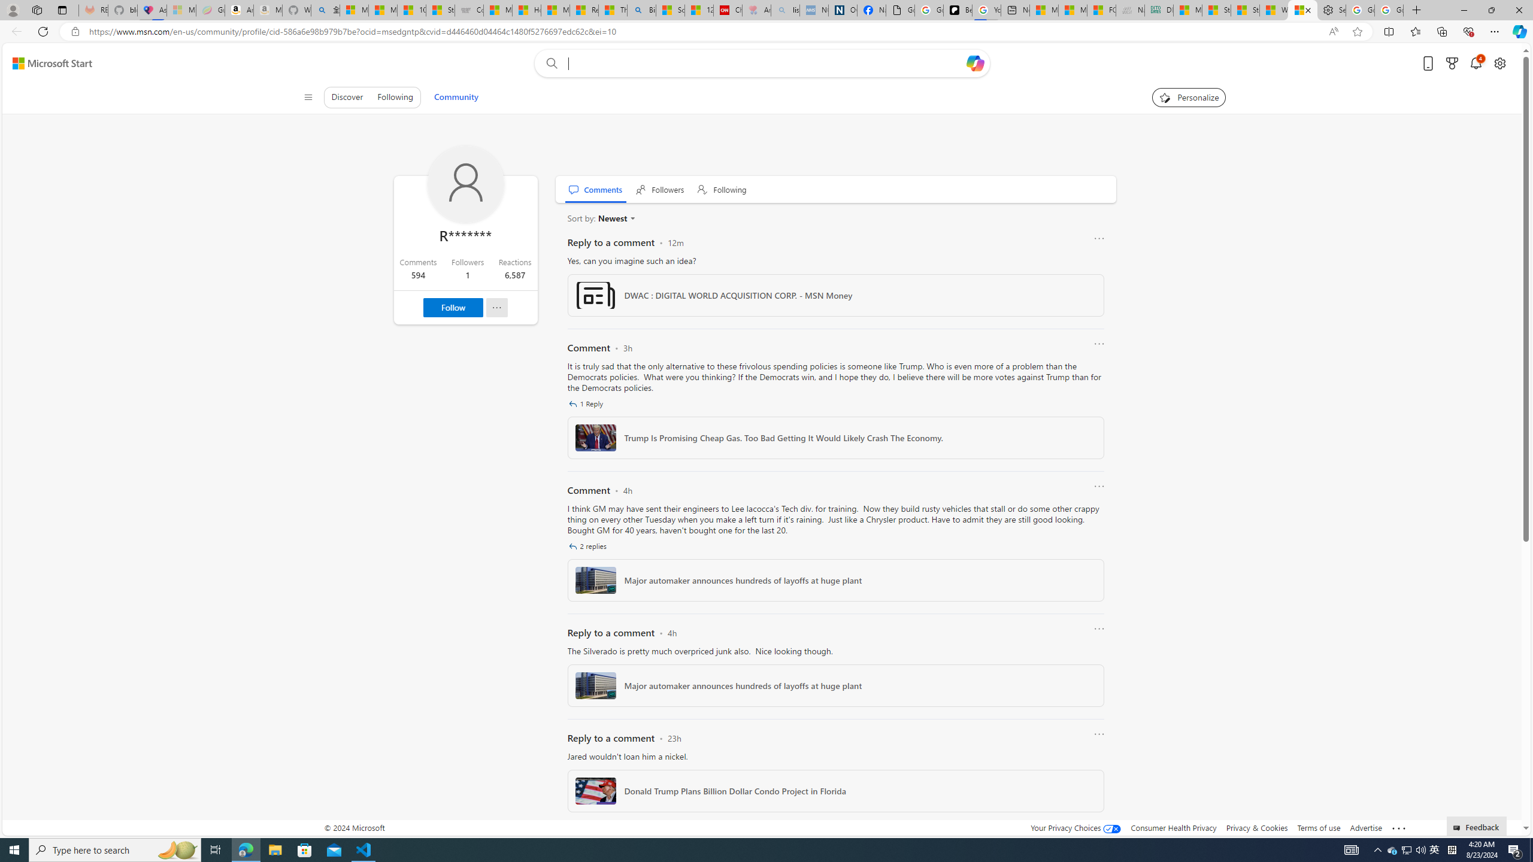 Image resolution: width=1533 pixels, height=862 pixels. Describe the element at coordinates (588, 545) in the screenshot. I see `'2 replies'` at that location.